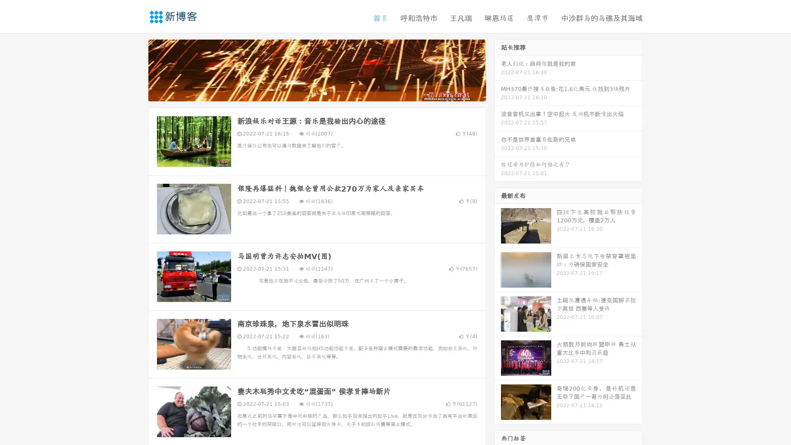  I want to click on Go to slide 2, so click(316, 93).